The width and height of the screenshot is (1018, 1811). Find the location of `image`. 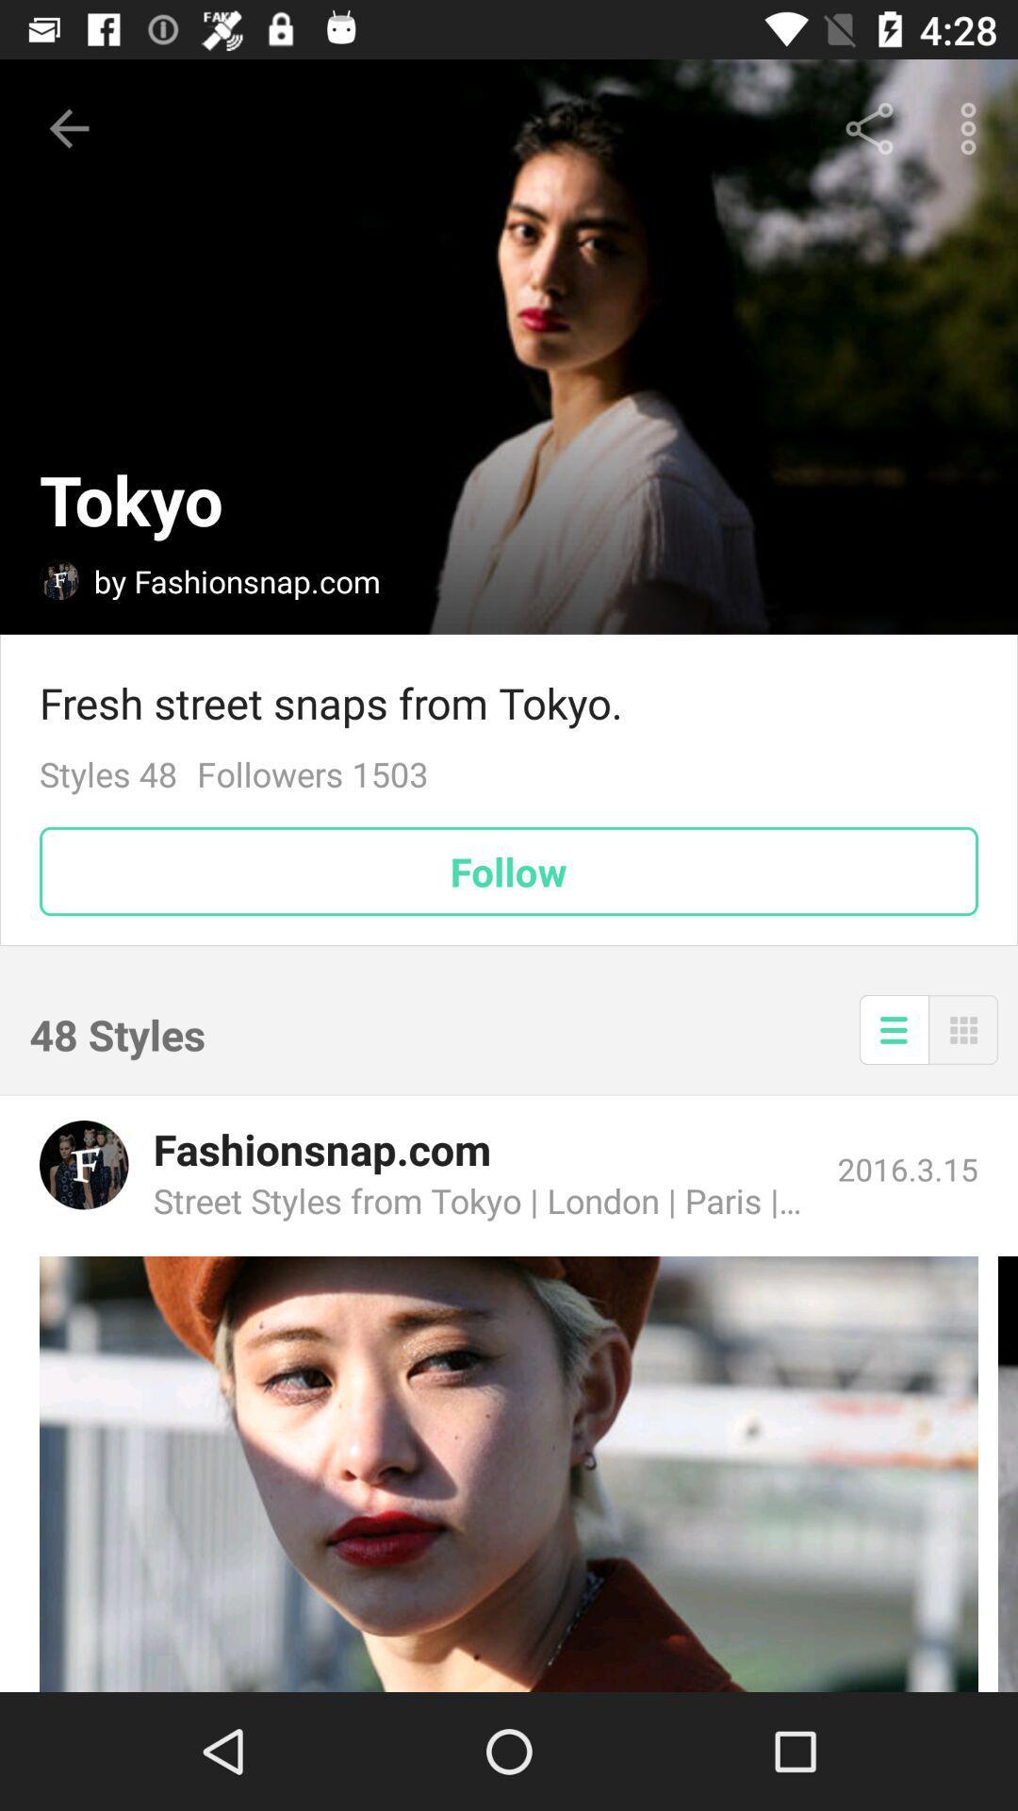

image is located at coordinates (509, 1473).